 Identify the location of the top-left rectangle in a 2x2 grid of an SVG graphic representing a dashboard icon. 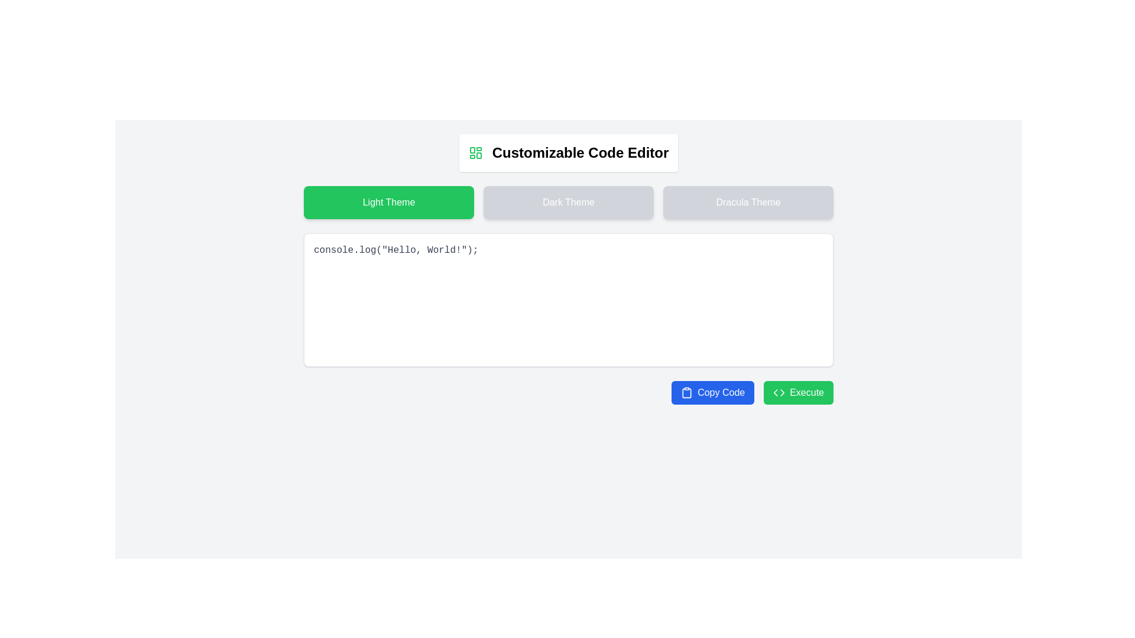
(472, 149).